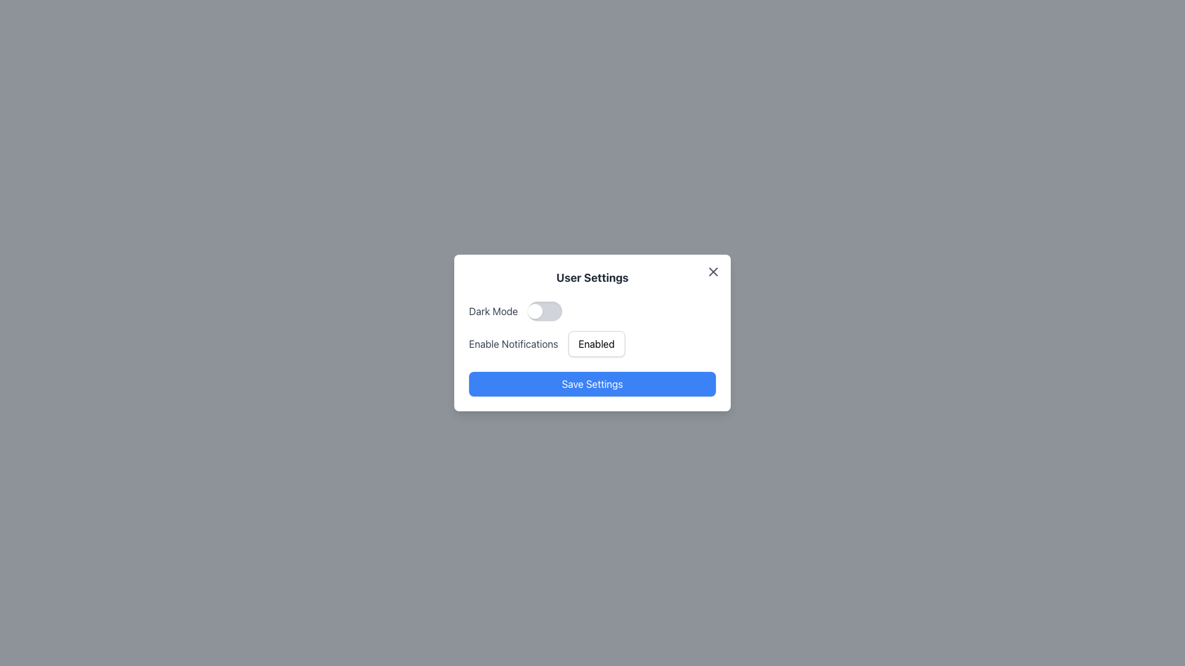  What do you see at coordinates (592, 384) in the screenshot?
I see `the confirmation button located at the bottom of the 'User Settings' dialog, positioned below the 'Dark Mode' and 'Enable Notifications' settings` at bounding box center [592, 384].